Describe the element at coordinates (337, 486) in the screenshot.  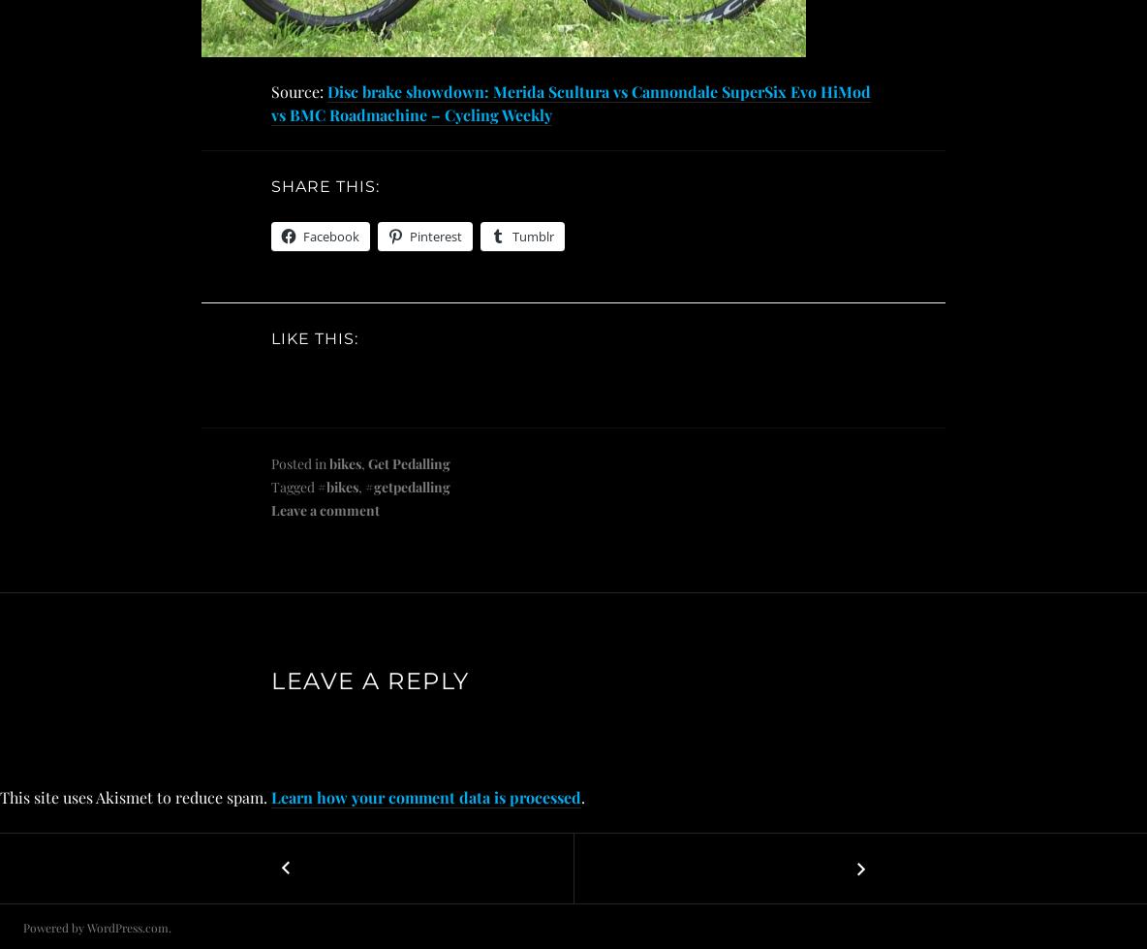
I see `'#bikes'` at that location.